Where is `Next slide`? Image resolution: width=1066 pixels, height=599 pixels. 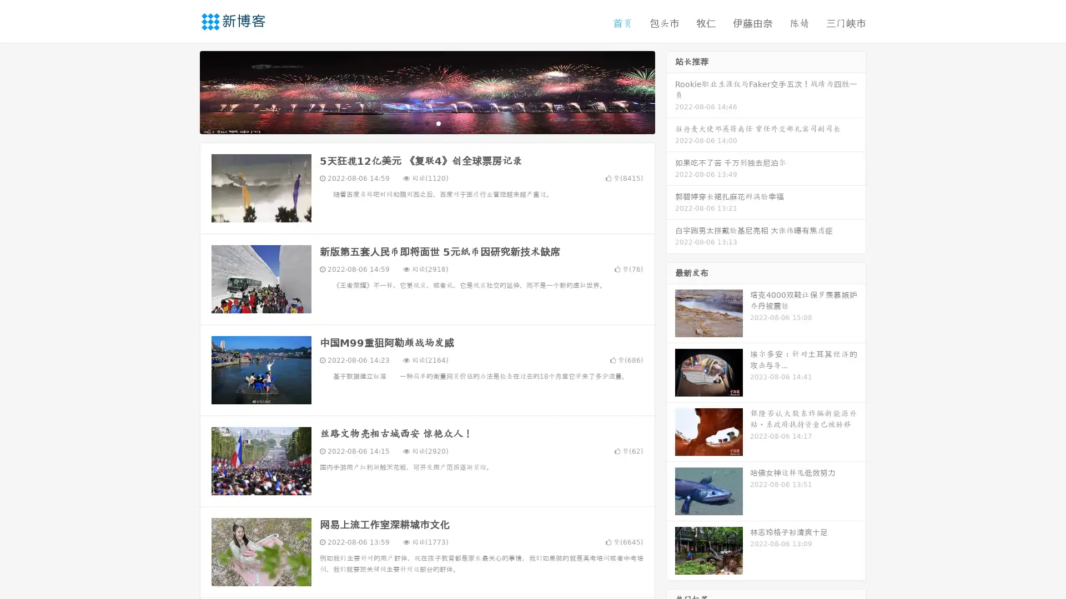
Next slide is located at coordinates (671, 93).